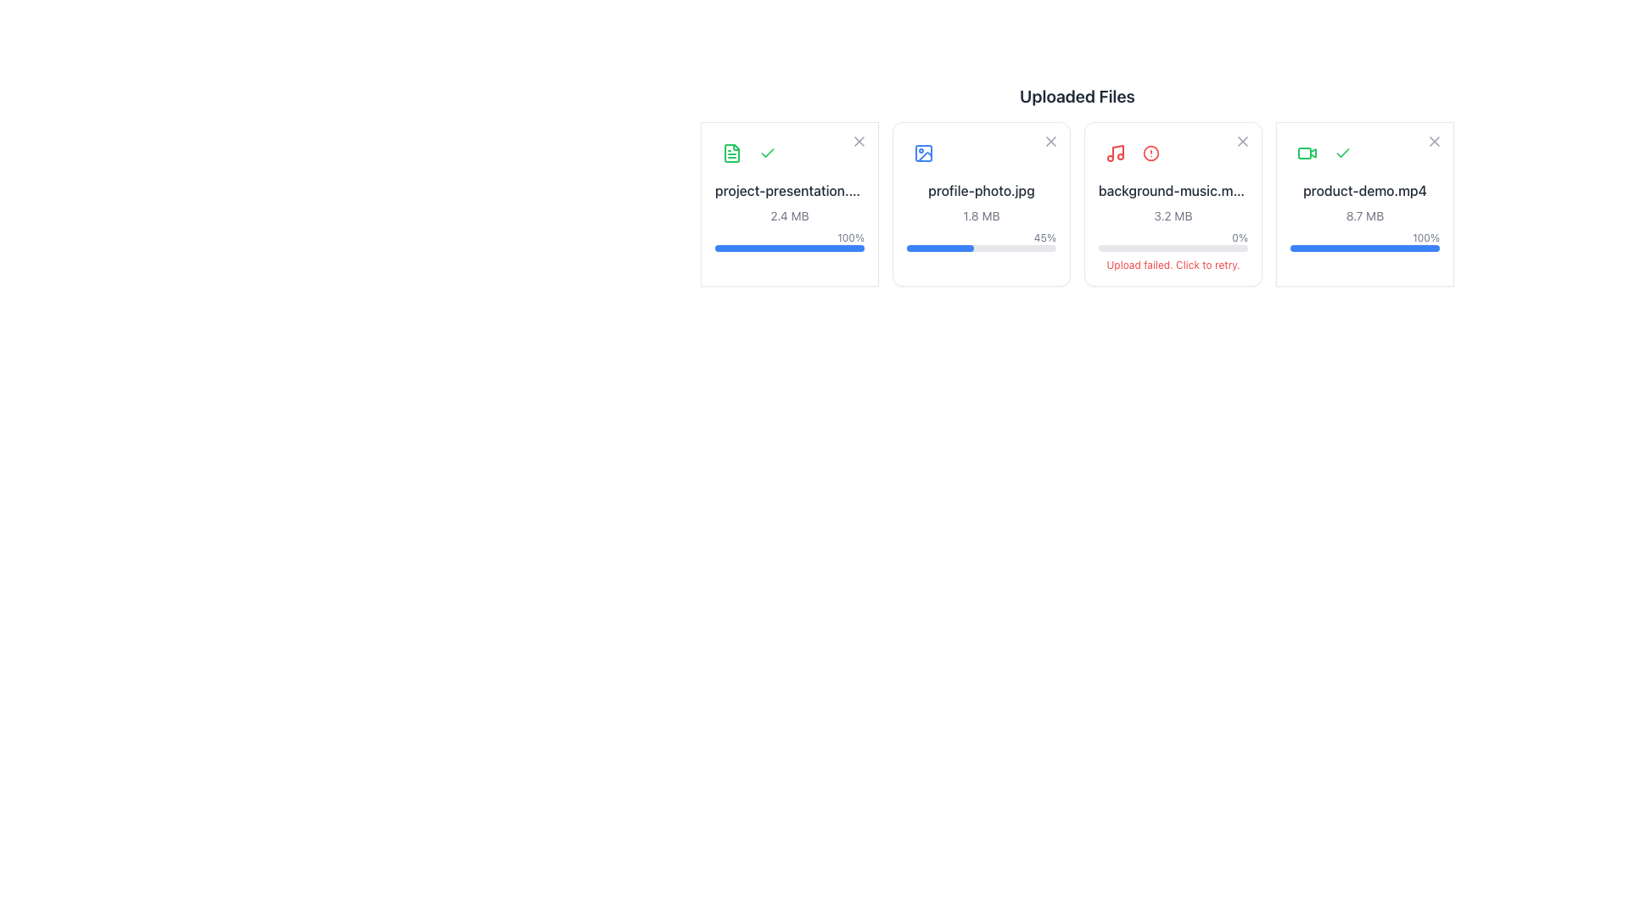  I want to click on SVG rectangular shape element, which is part of the graphical representation associated with the 'product-demo.mp4' item, using developer tools, so click(1303, 154).